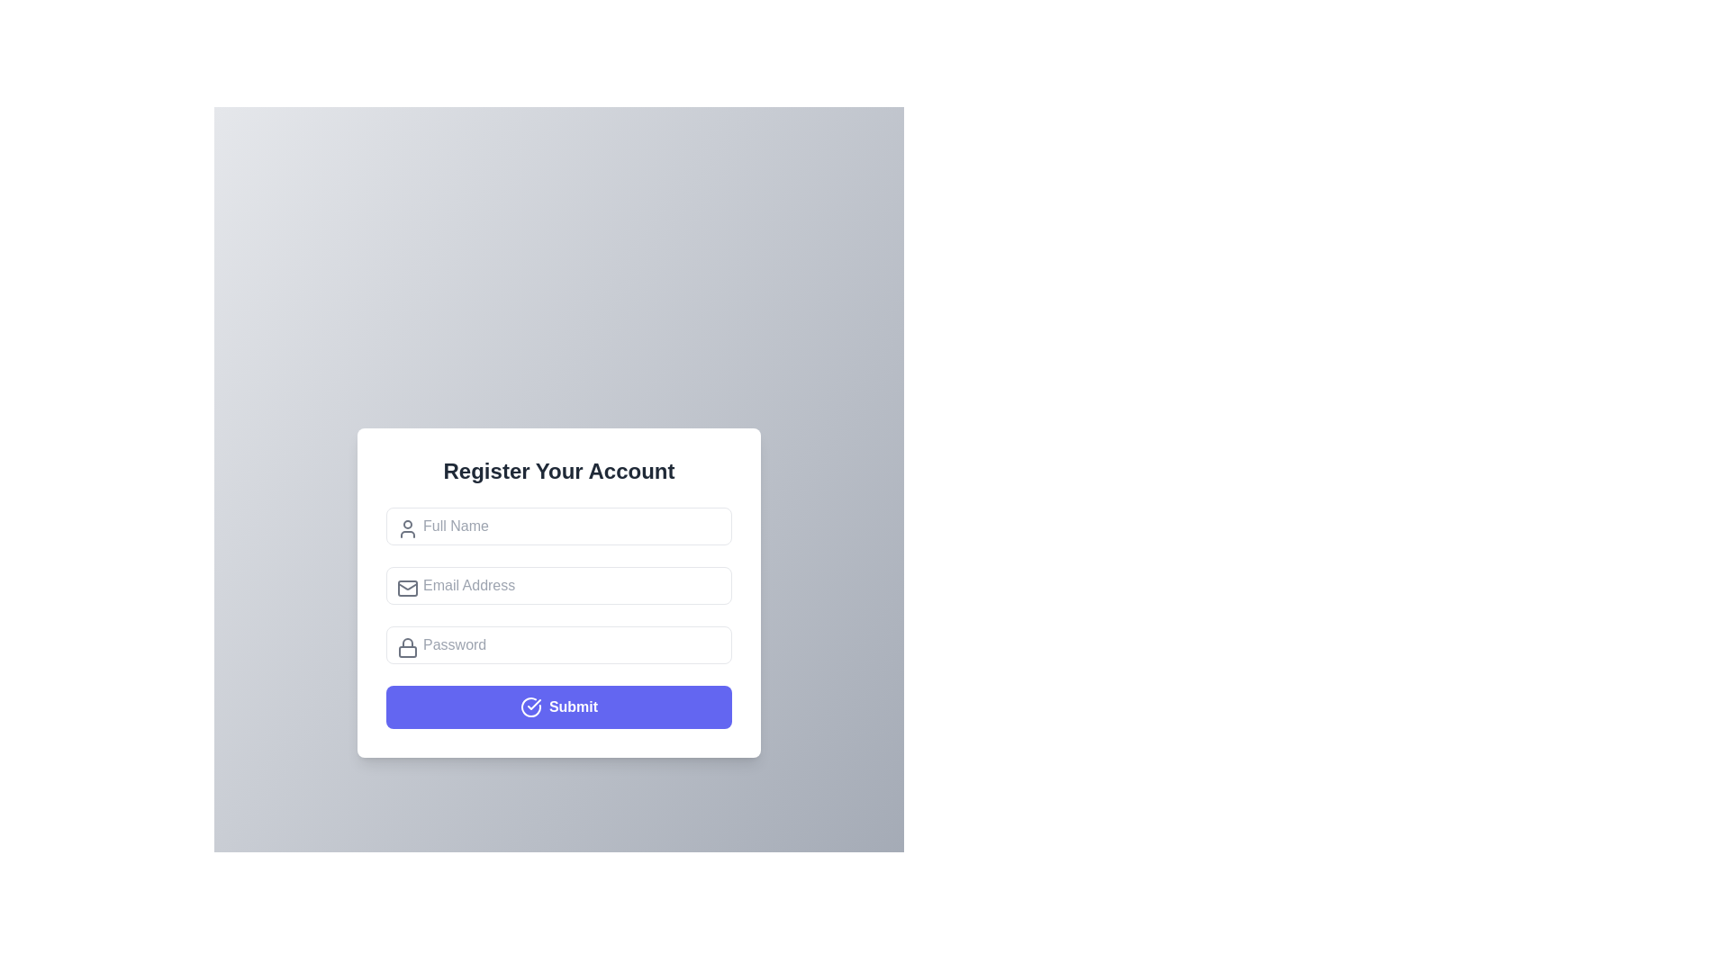 Image resolution: width=1729 pixels, height=972 pixels. Describe the element at coordinates (406, 586) in the screenshot. I see `the mail envelope closing flap icon, which visually represents the email input field, by clicking on it` at that location.